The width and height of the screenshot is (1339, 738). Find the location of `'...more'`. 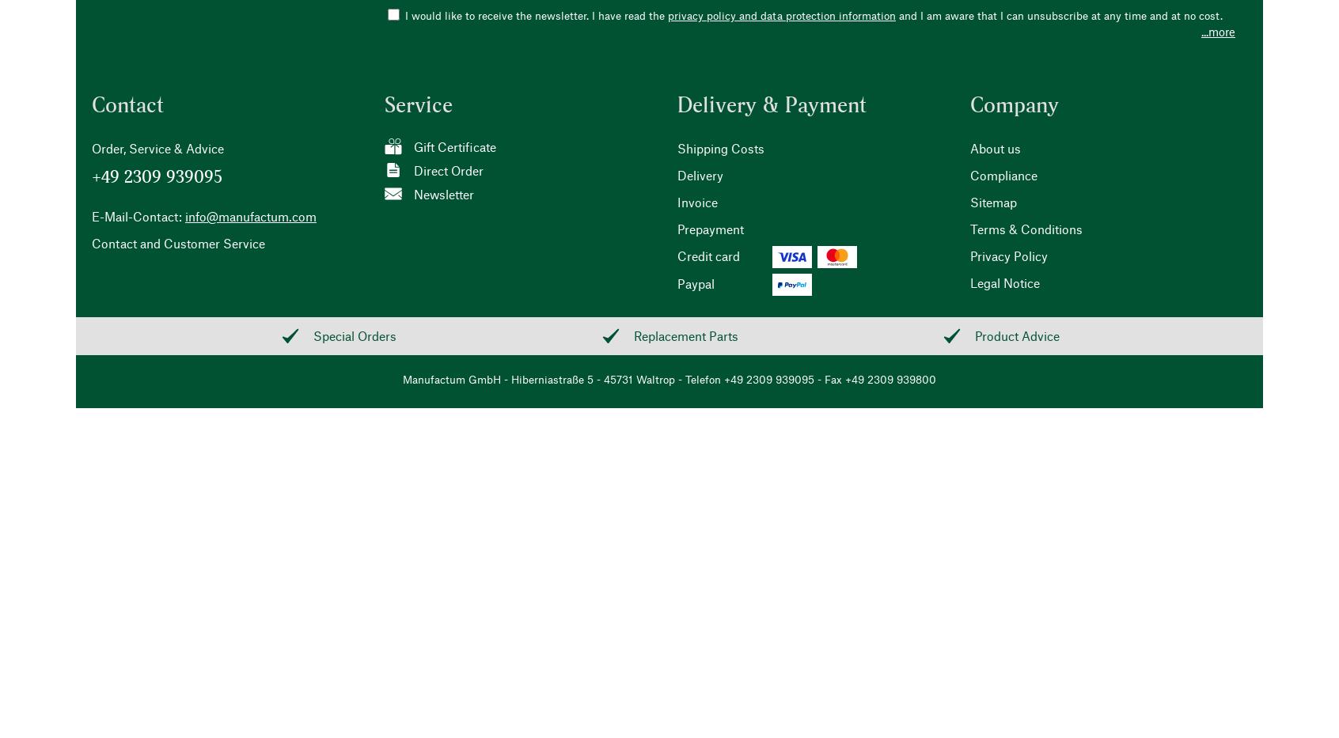

'...more' is located at coordinates (1218, 30).